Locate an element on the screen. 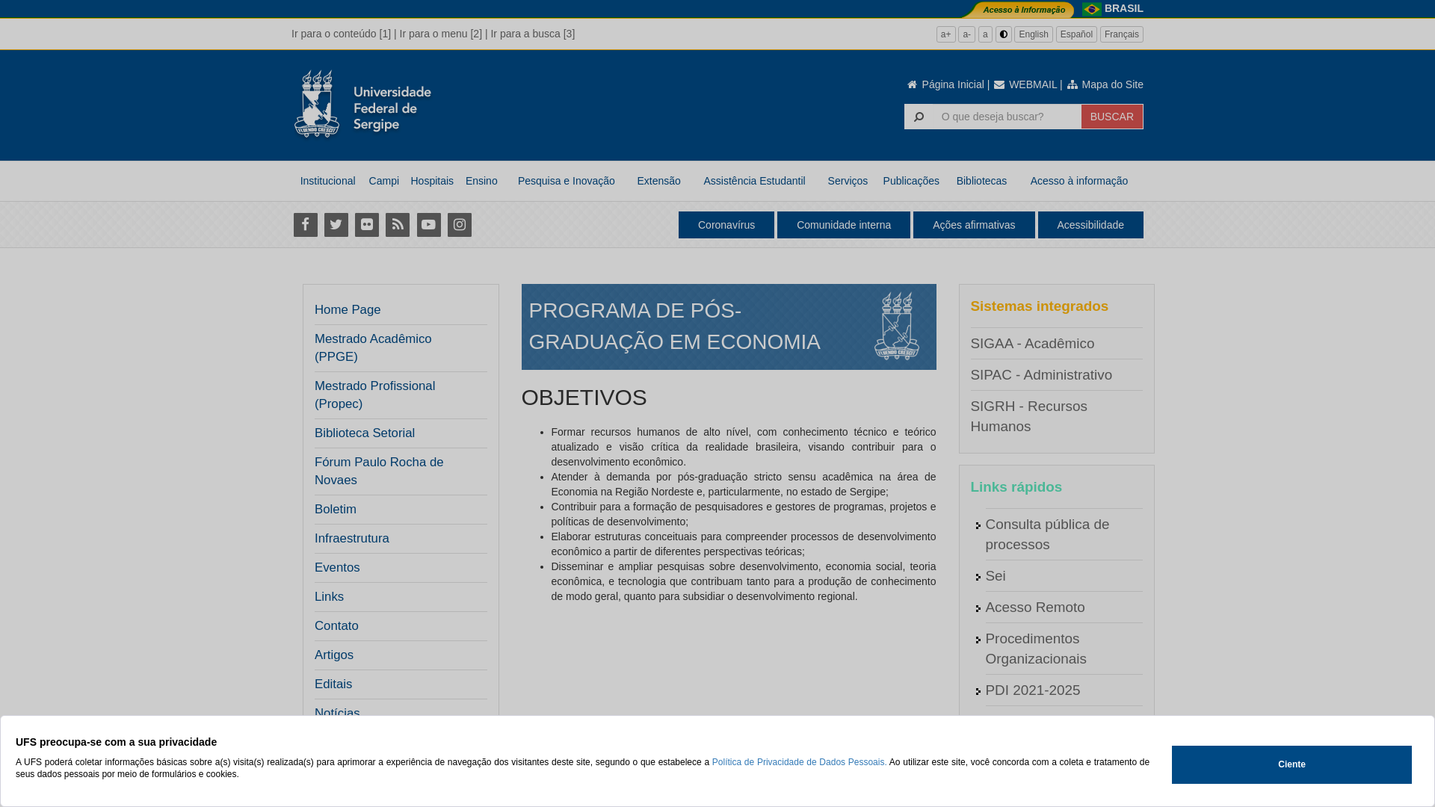 The width and height of the screenshot is (1435, 807). 'WEBMAIL' is located at coordinates (1024, 84).